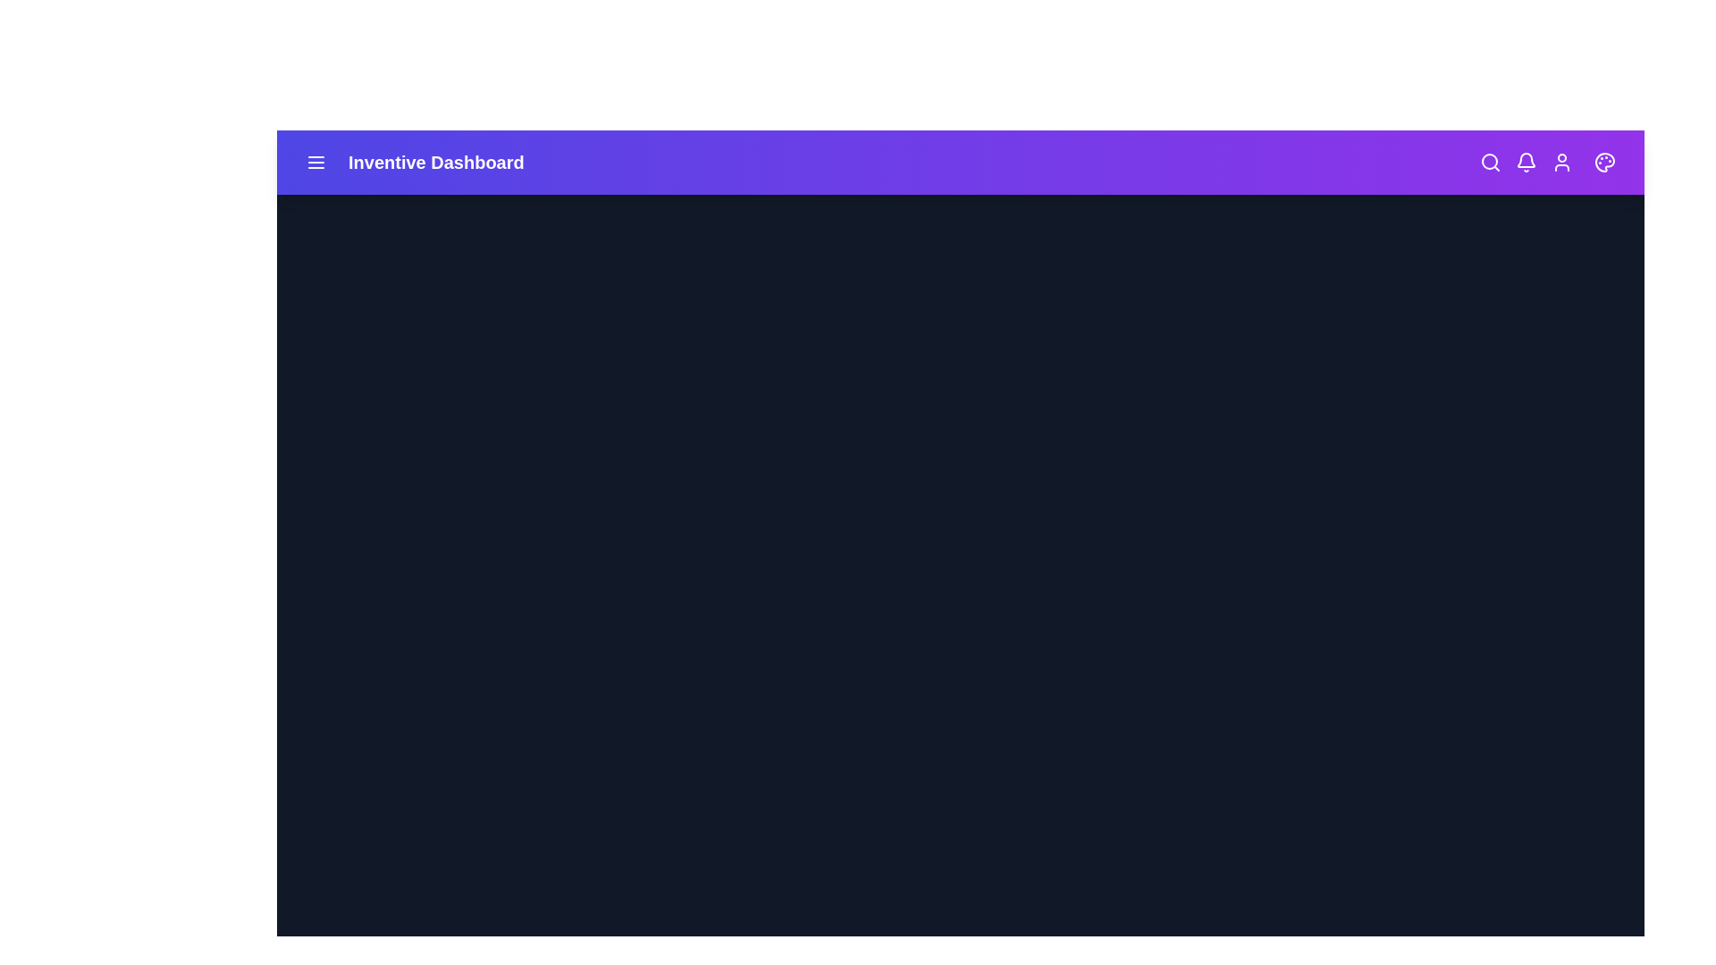  What do you see at coordinates (1604, 162) in the screenshot?
I see `the palette icon to toggle the theme` at bounding box center [1604, 162].